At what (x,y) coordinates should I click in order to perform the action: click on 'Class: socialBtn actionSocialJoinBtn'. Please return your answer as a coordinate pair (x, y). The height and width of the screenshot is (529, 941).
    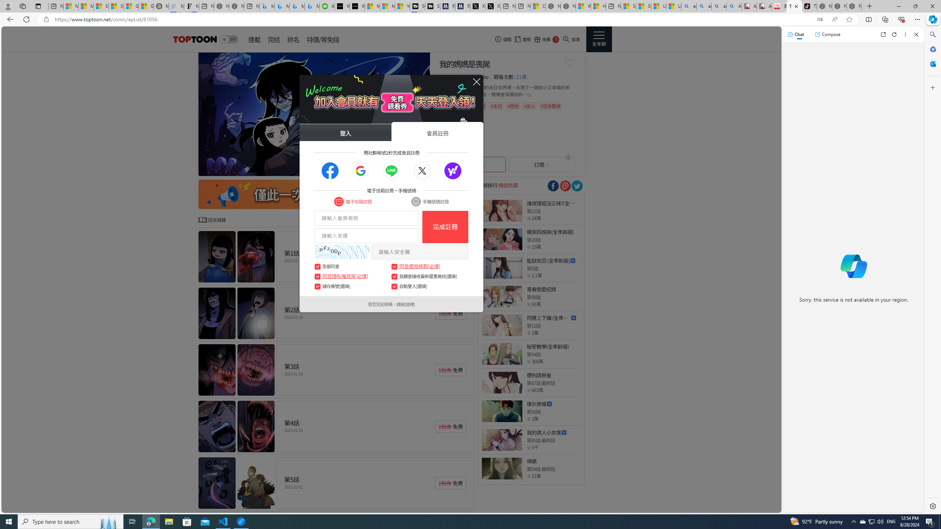
    Looking at the image, I should click on (452, 170).